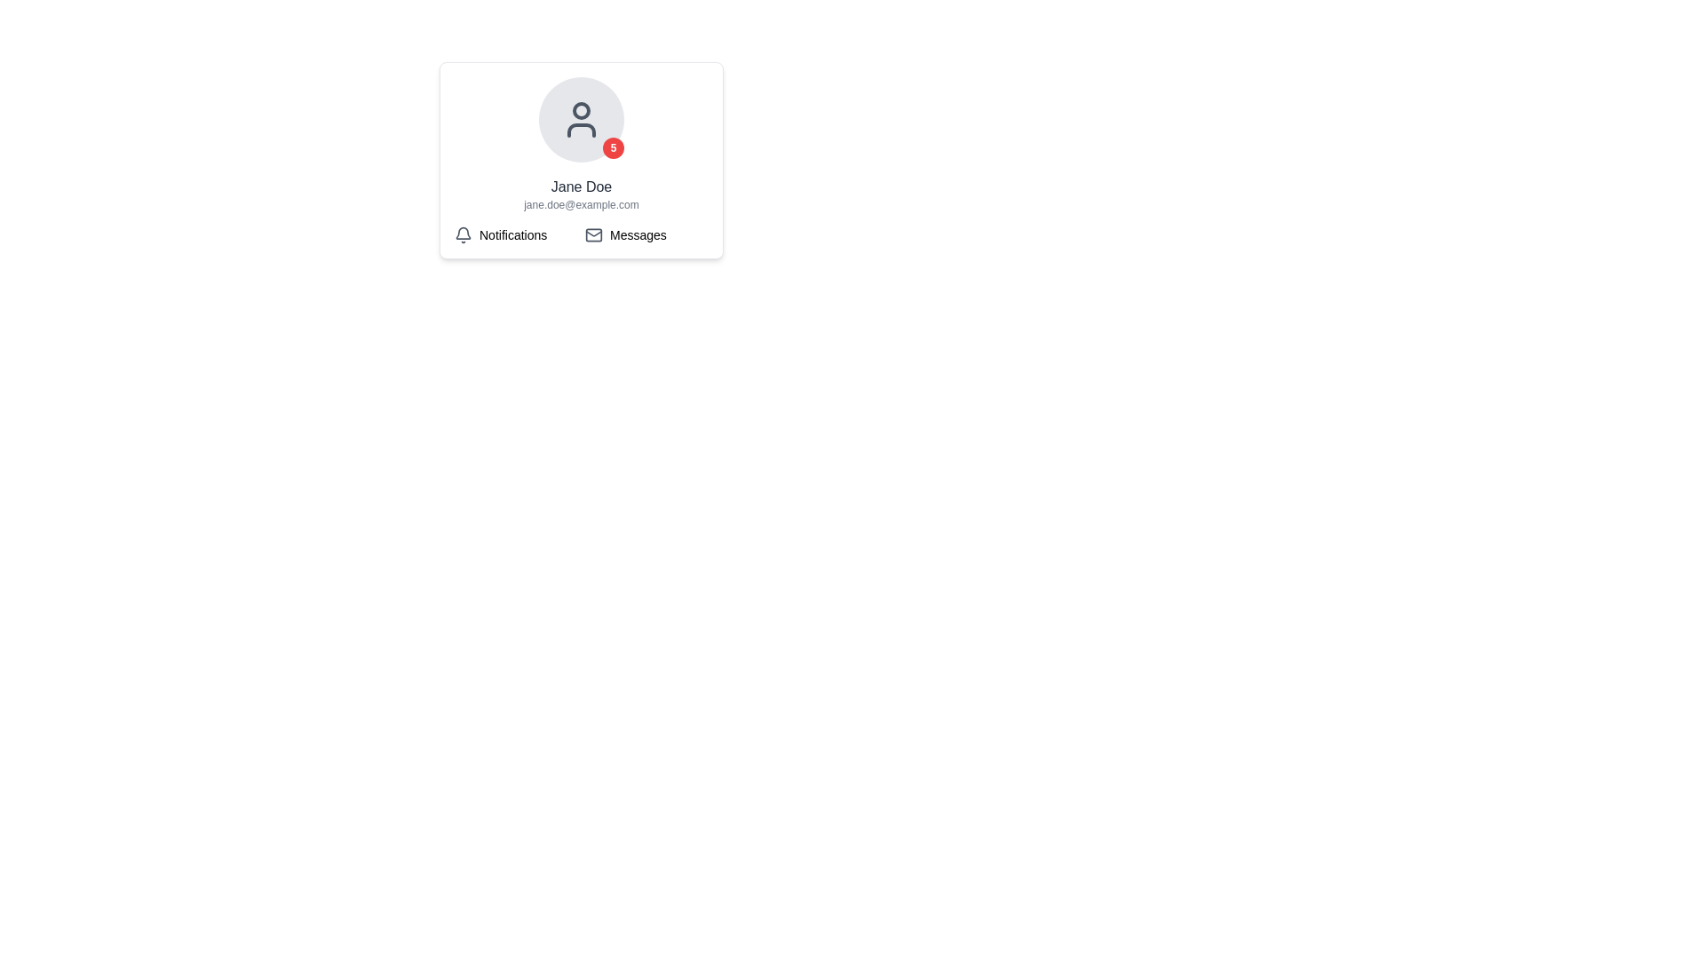 The image size is (1705, 959). Describe the element at coordinates (464, 234) in the screenshot. I see `the bell icon representing notifications, which is located to the left of the text 'Notifications' in the bottom-left section of the card-like structure` at that location.